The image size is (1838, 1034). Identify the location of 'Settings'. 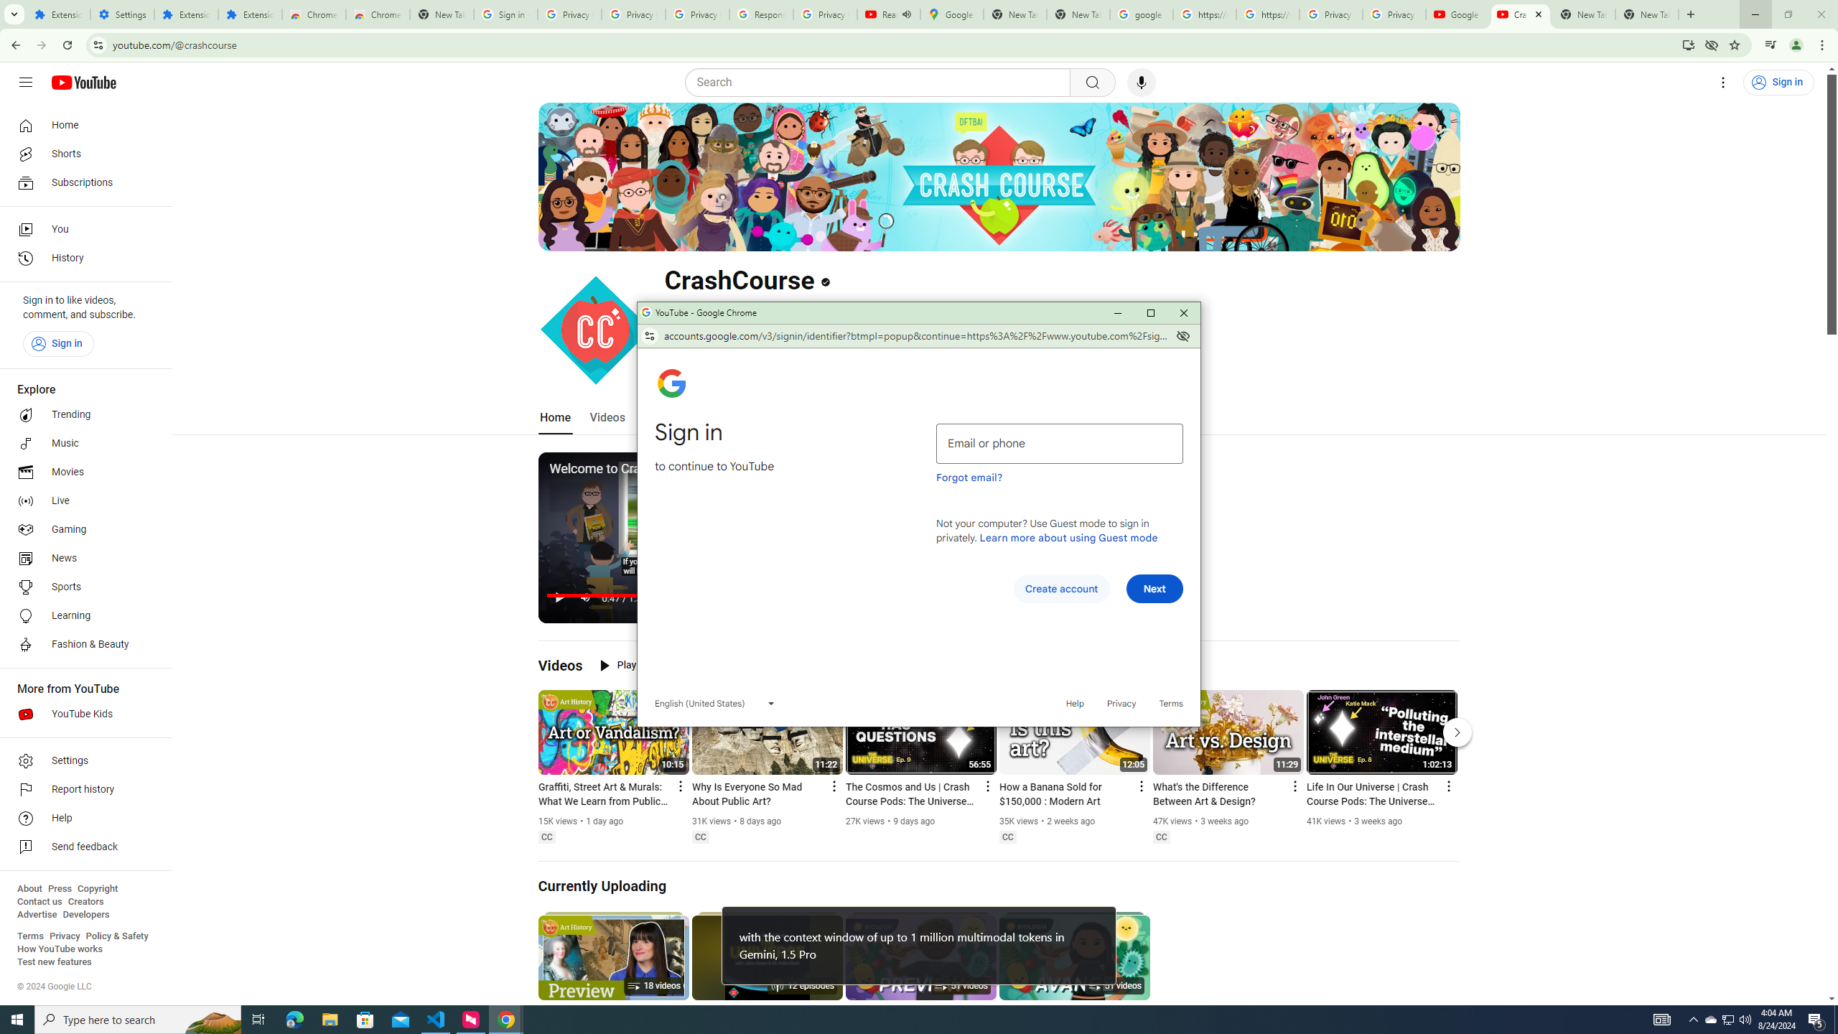
(81, 760).